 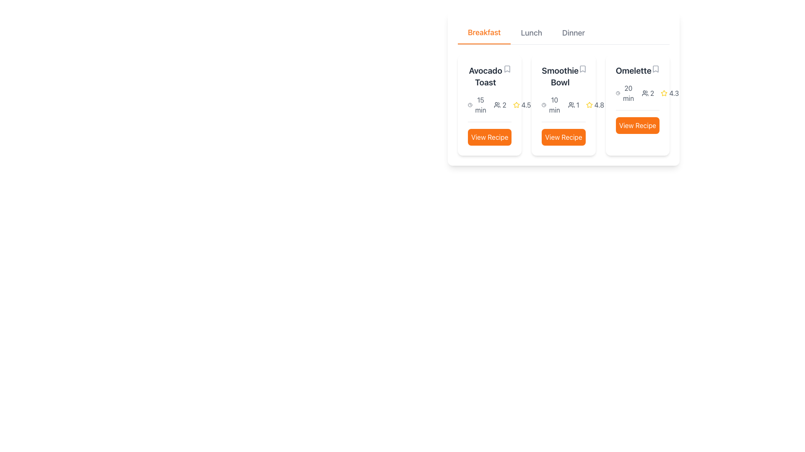 I want to click on displayed text of the Text label showing the number '1', which is located adjacent to a user icon in the second card of the recipe cards layout, so click(x=577, y=104).